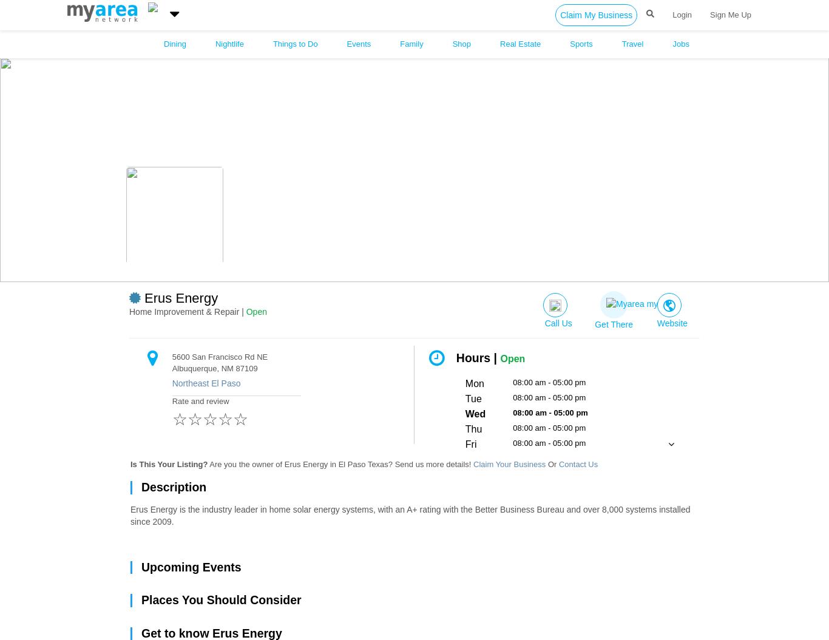  I want to click on 'Mon', so click(474, 383).